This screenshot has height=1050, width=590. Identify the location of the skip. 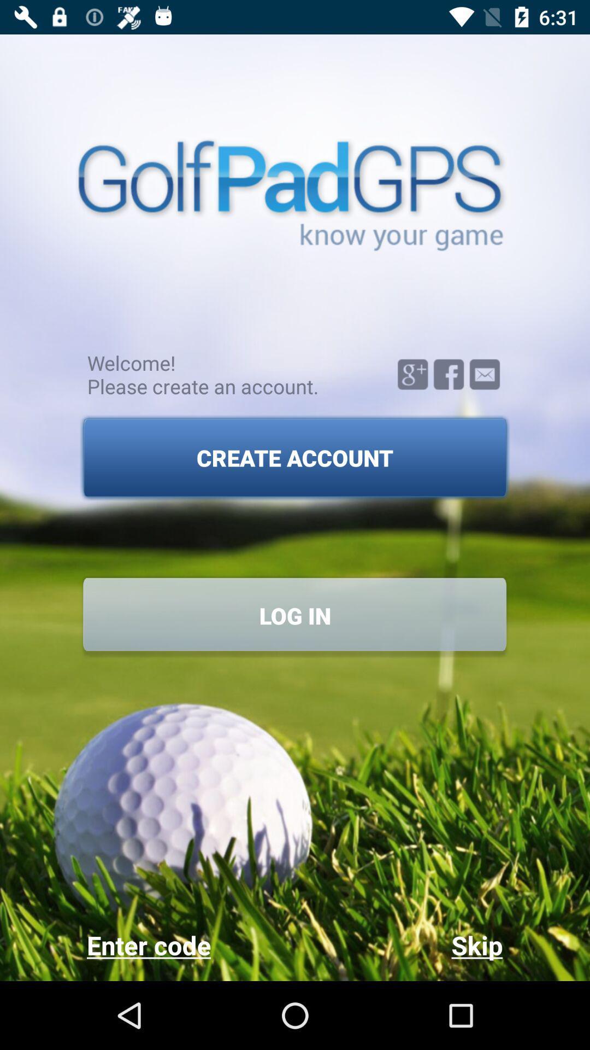
(398, 944).